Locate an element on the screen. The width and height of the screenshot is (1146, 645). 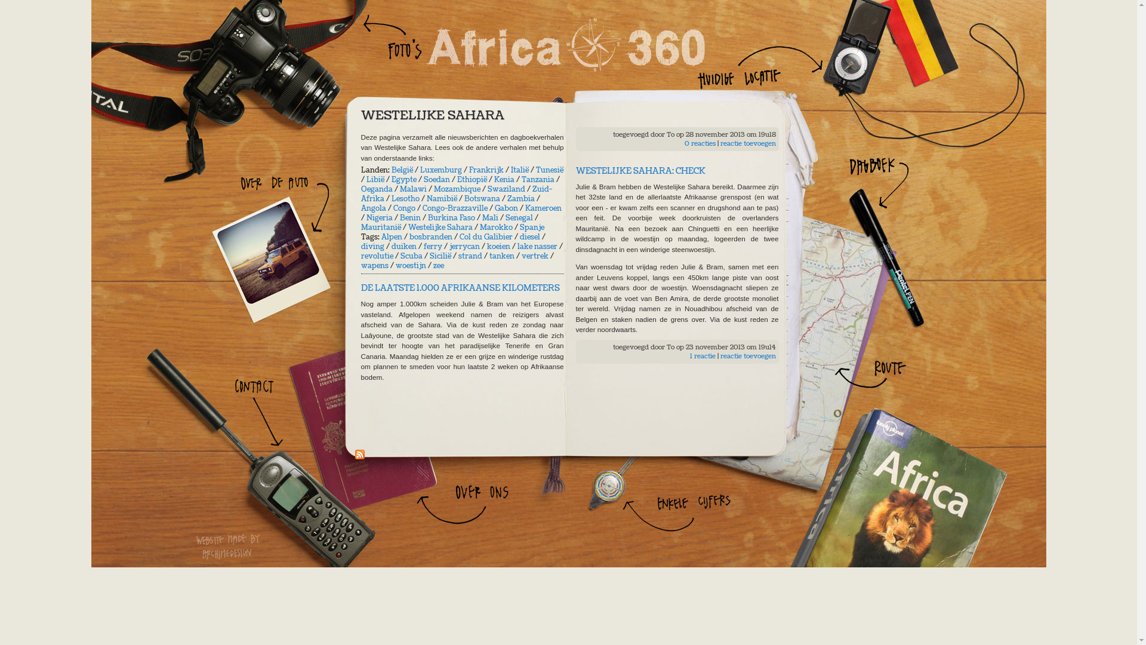
'woestijn' is located at coordinates (410, 265).